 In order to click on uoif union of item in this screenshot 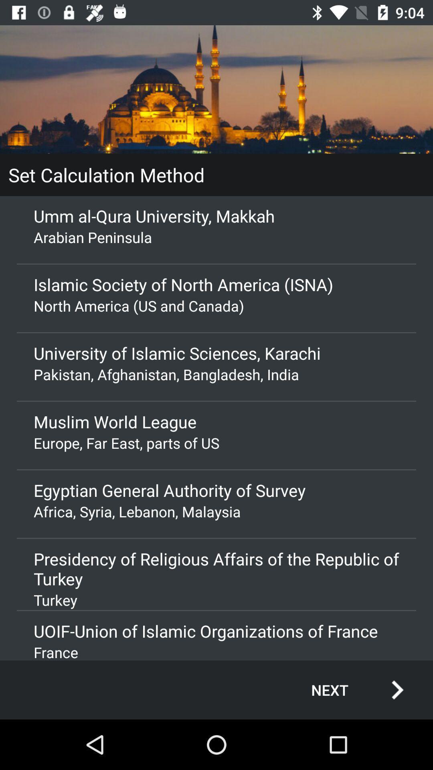, I will do `click(216, 630)`.